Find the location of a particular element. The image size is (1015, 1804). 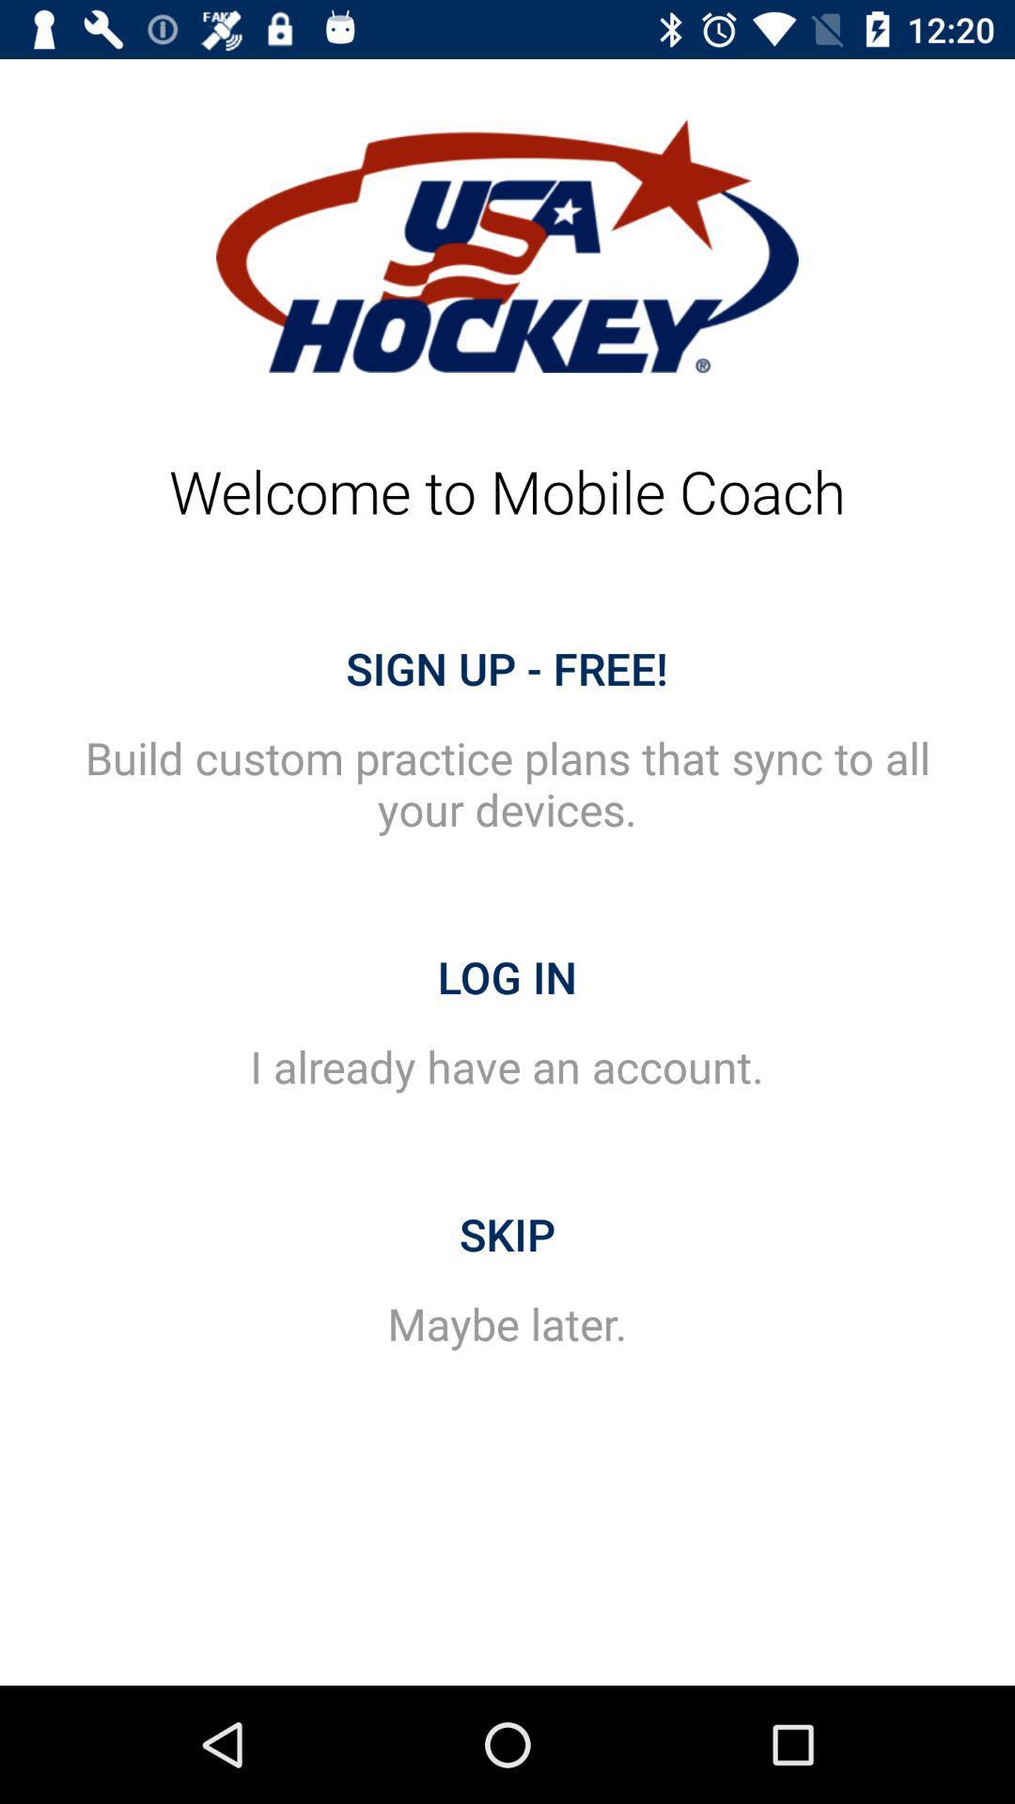

the sign up - free! item is located at coordinates (506, 668).